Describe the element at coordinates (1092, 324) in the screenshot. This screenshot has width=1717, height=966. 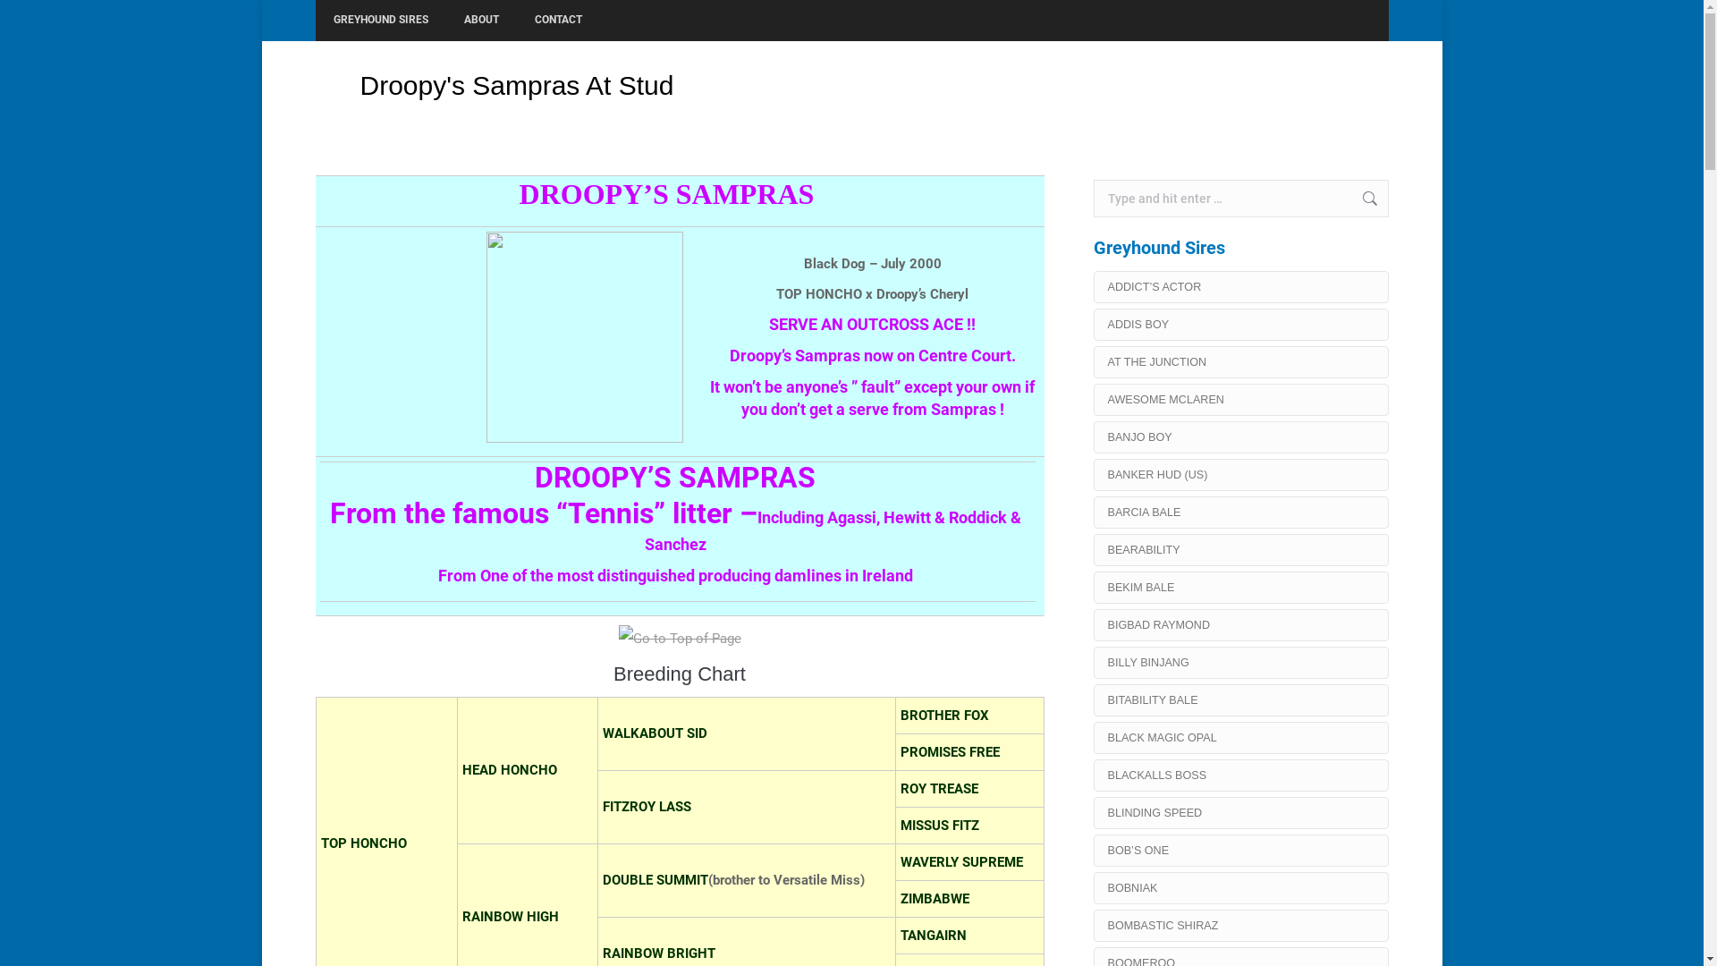
I see `'ADDIS BOY'` at that location.